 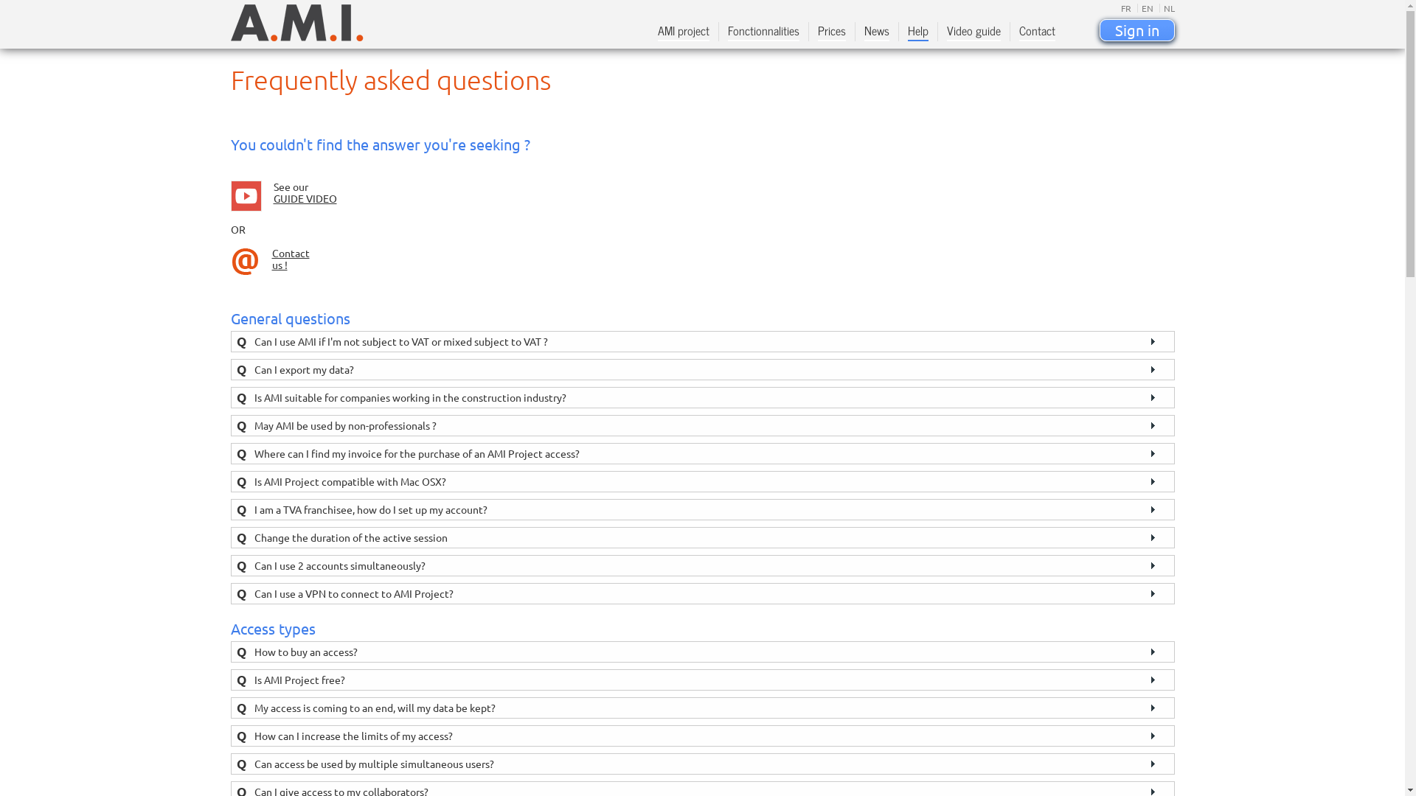 What do you see at coordinates (296, 22) in the screenshot?
I see `'AMI logo - Accounting Management Interface'` at bounding box center [296, 22].